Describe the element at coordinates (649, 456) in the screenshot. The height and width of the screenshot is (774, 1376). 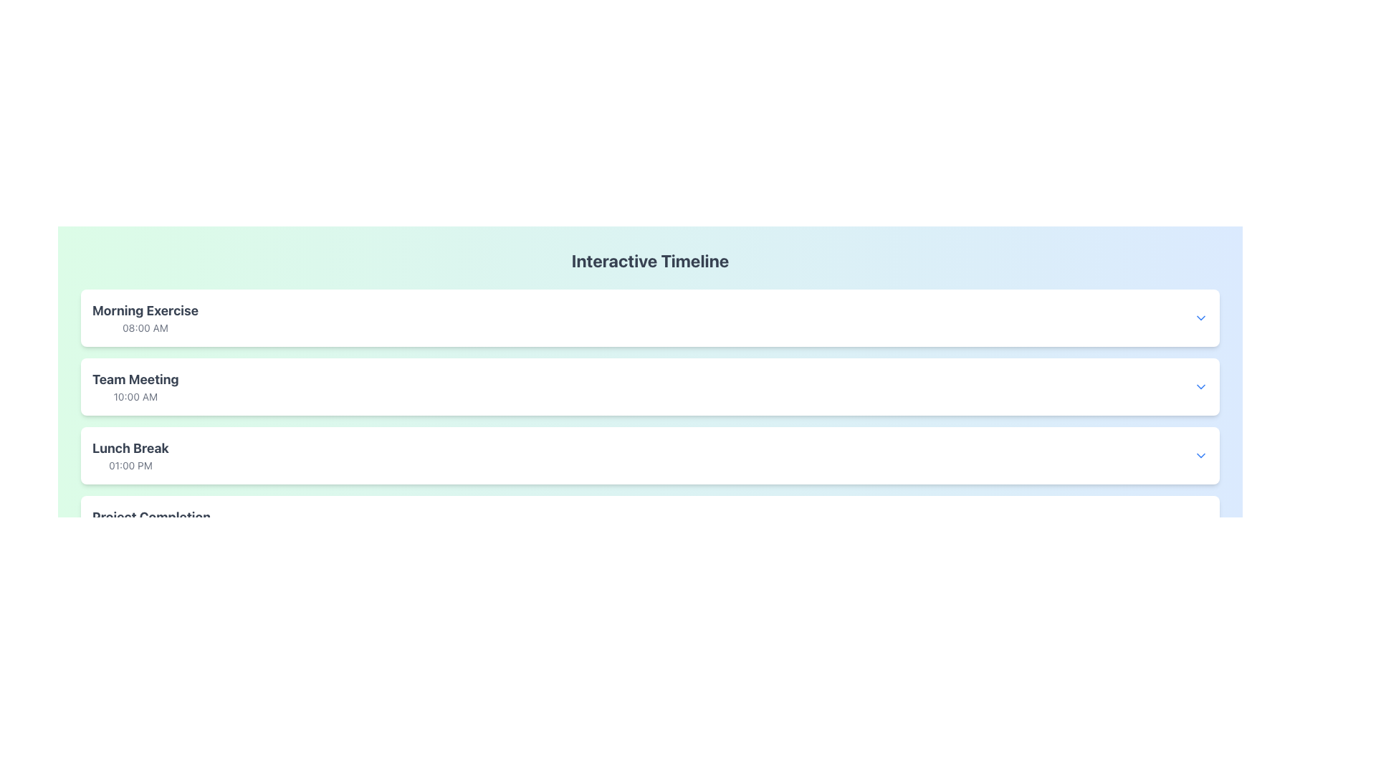
I see `the 'Lunch Break' timeline entry` at that location.